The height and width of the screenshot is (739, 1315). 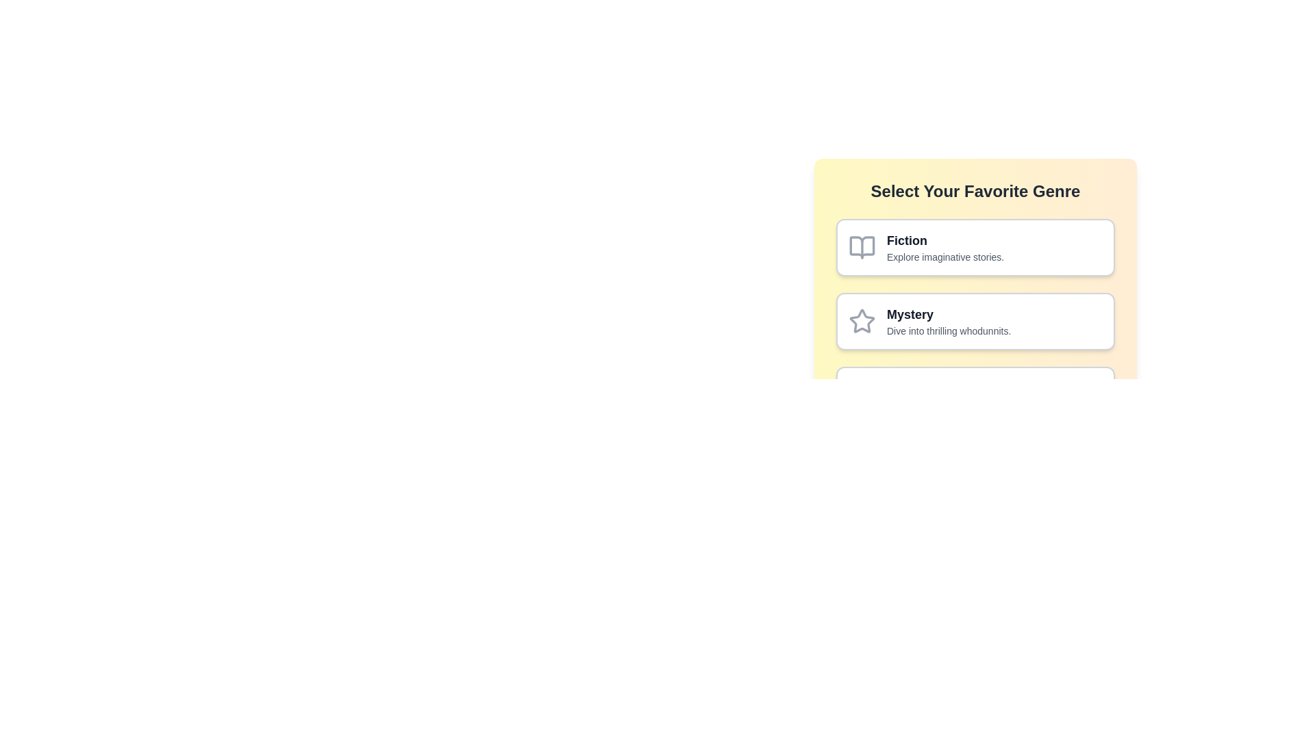 What do you see at coordinates (944, 257) in the screenshot?
I see `the descriptive text label that provides context to the 'Fiction' header, located below it in the genre selection section` at bounding box center [944, 257].